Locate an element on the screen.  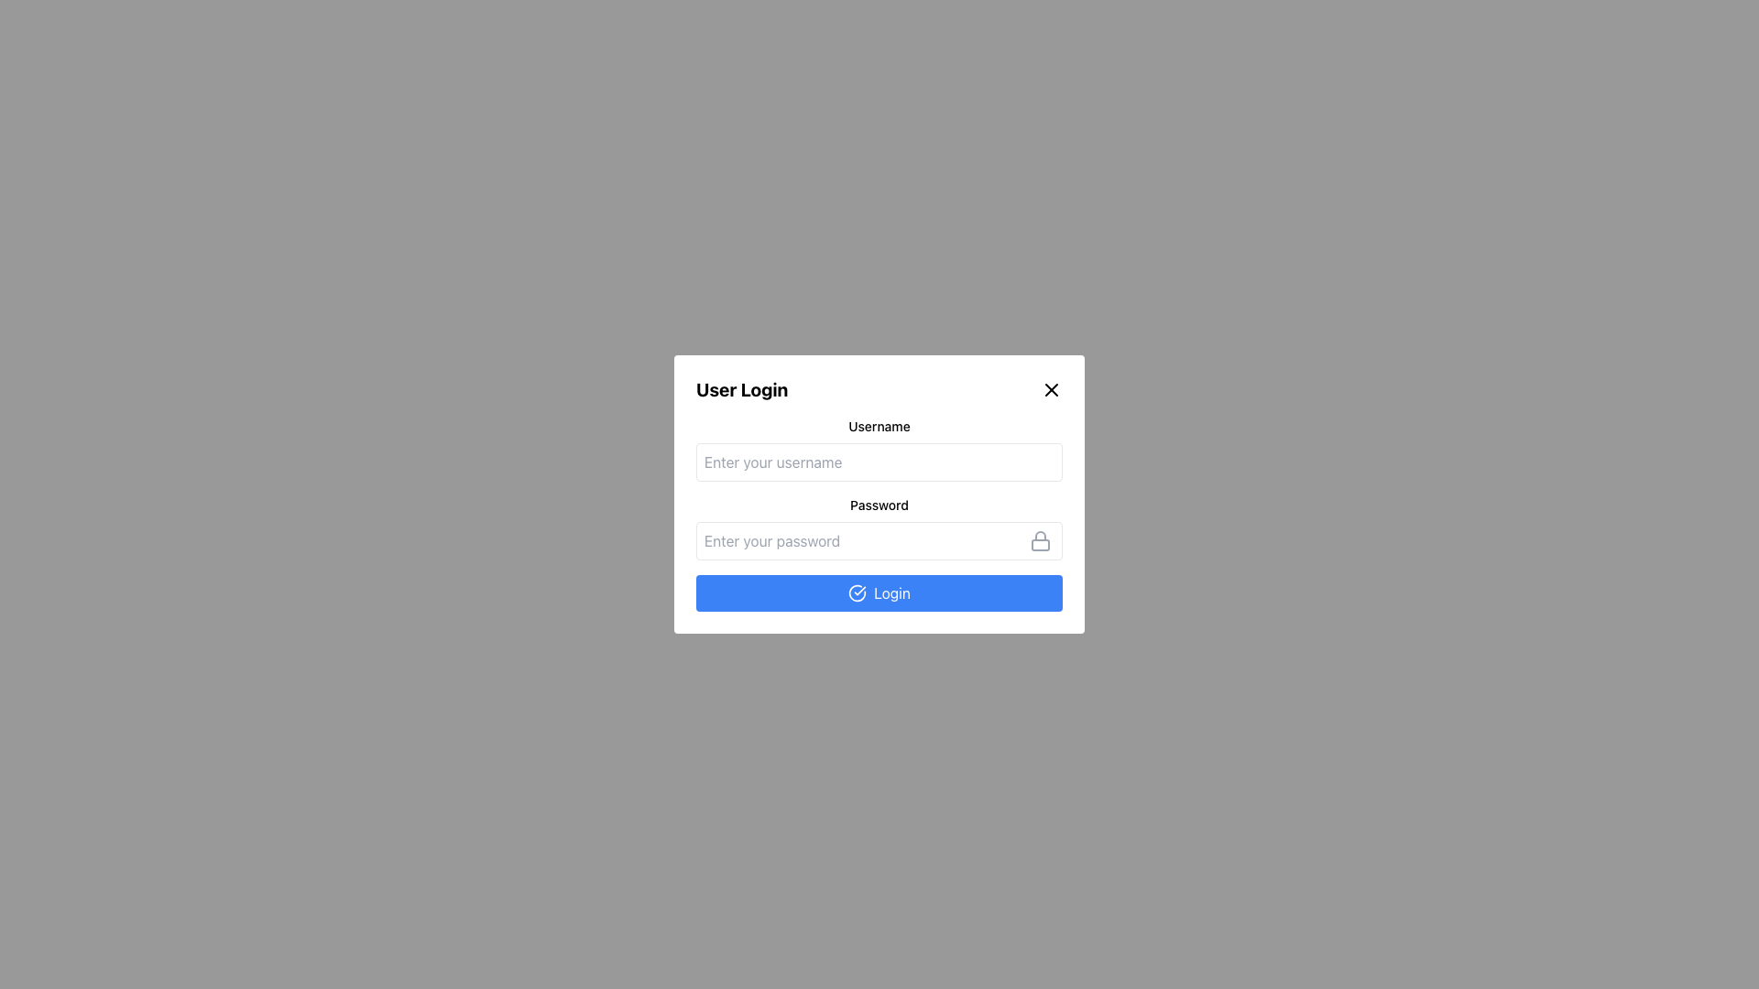
the small rectangle with rounded corners located in the lower segment of the lock icon, which is situated to the right of the password input field in the login form is located at coordinates (1041, 544).